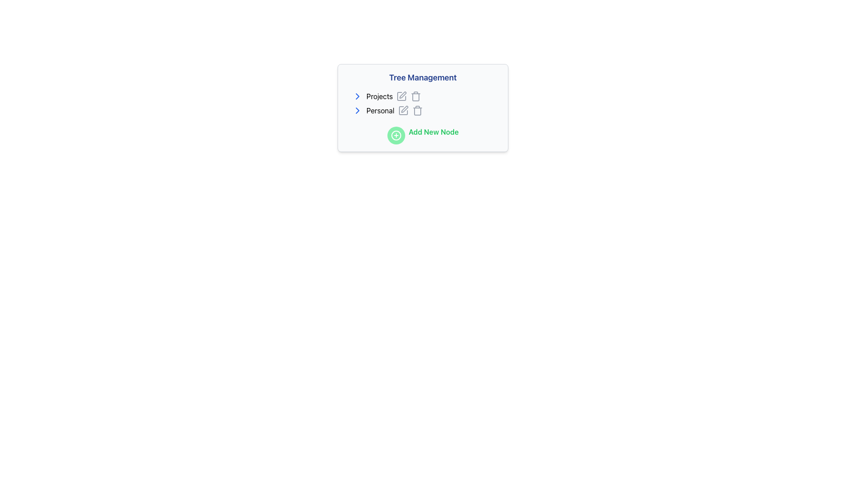 This screenshot has height=480, width=854. Describe the element at coordinates (403, 110) in the screenshot. I see `the center icon in the second row of the list under the 'Tree Management' section, associated with the 'Personal' entry` at that location.